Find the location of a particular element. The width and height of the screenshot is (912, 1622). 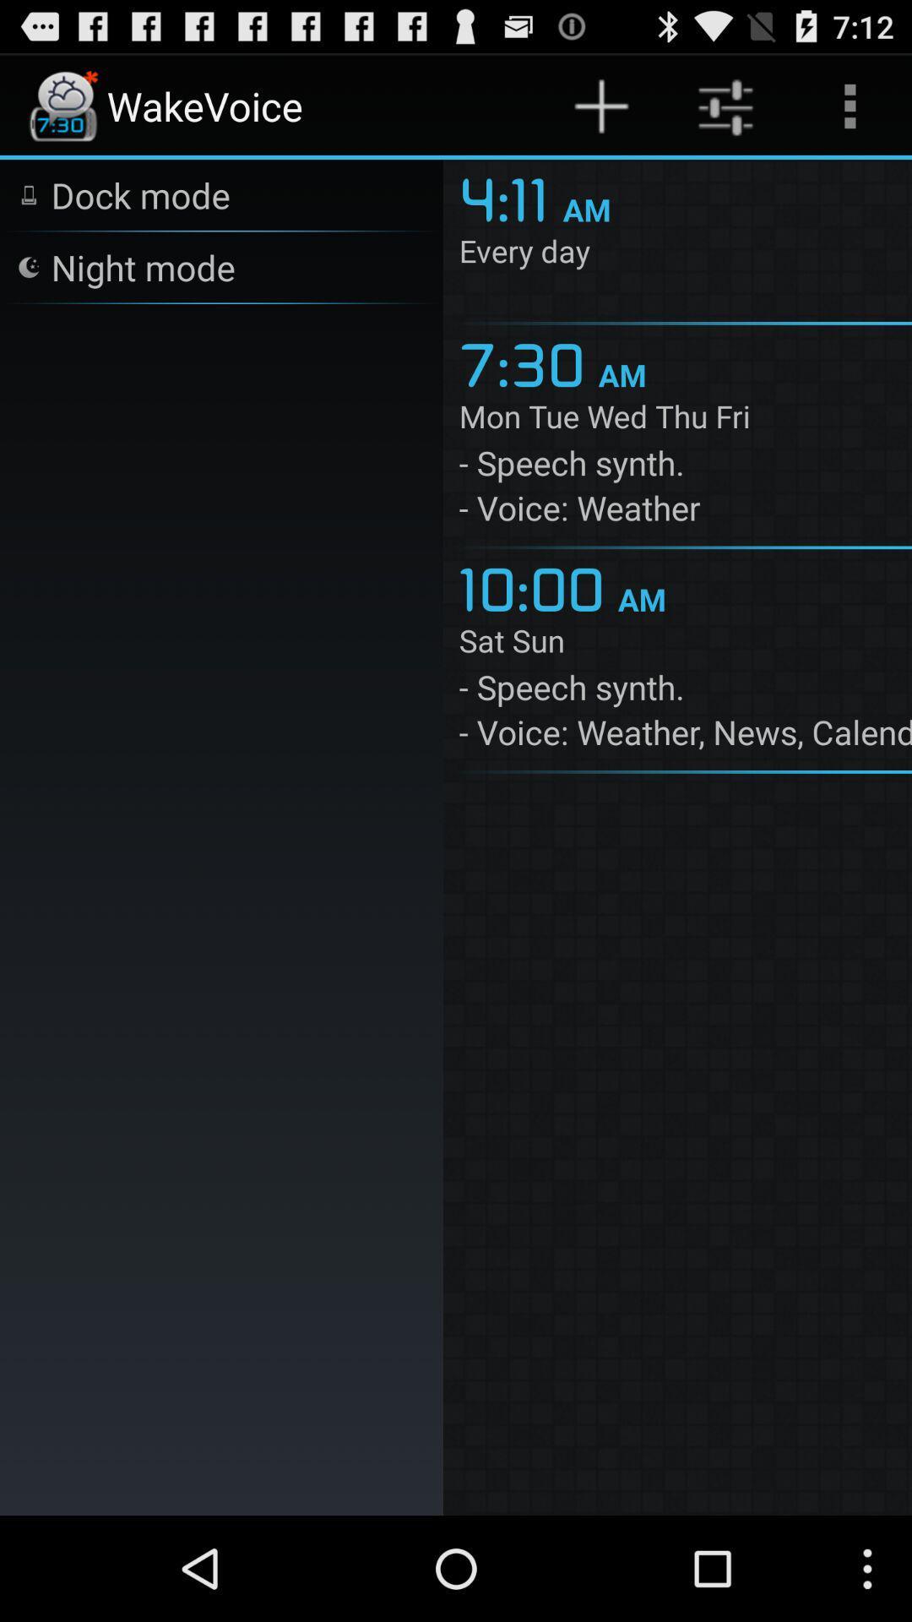

the app to the right of the night mode icon is located at coordinates (510, 197).